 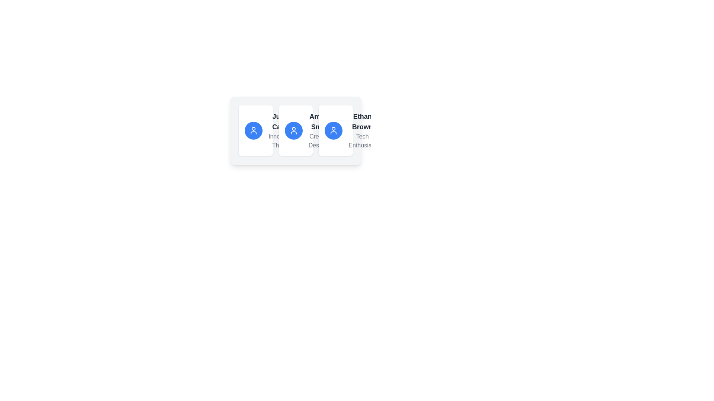 What do you see at coordinates (255, 130) in the screenshot?
I see `the Profile Card for 'Julian Carter', which is the first card in the left-most column of the grid layout` at bounding box center [255, 130].